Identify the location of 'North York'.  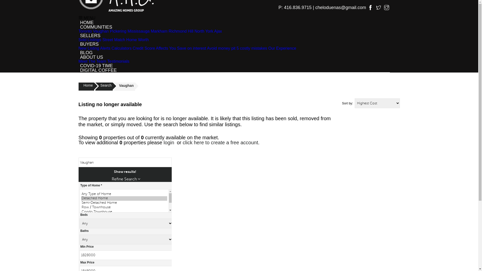
(204, 31).